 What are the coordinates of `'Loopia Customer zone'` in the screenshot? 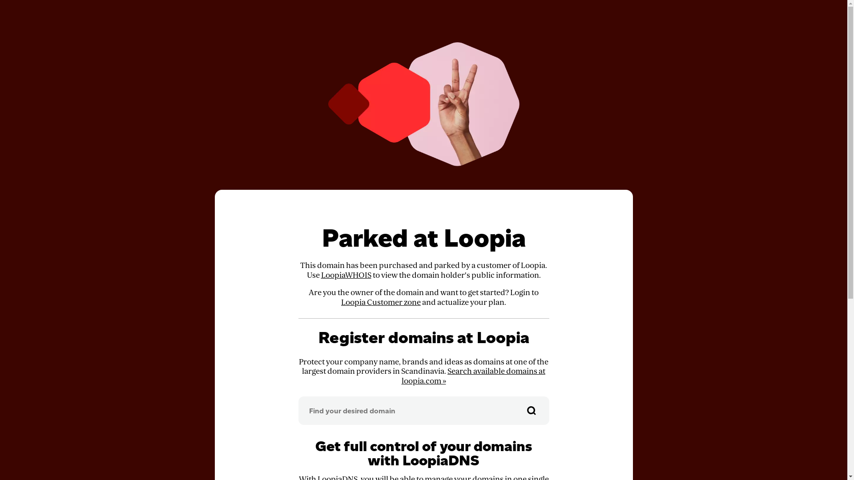 It's located at (341, 302).